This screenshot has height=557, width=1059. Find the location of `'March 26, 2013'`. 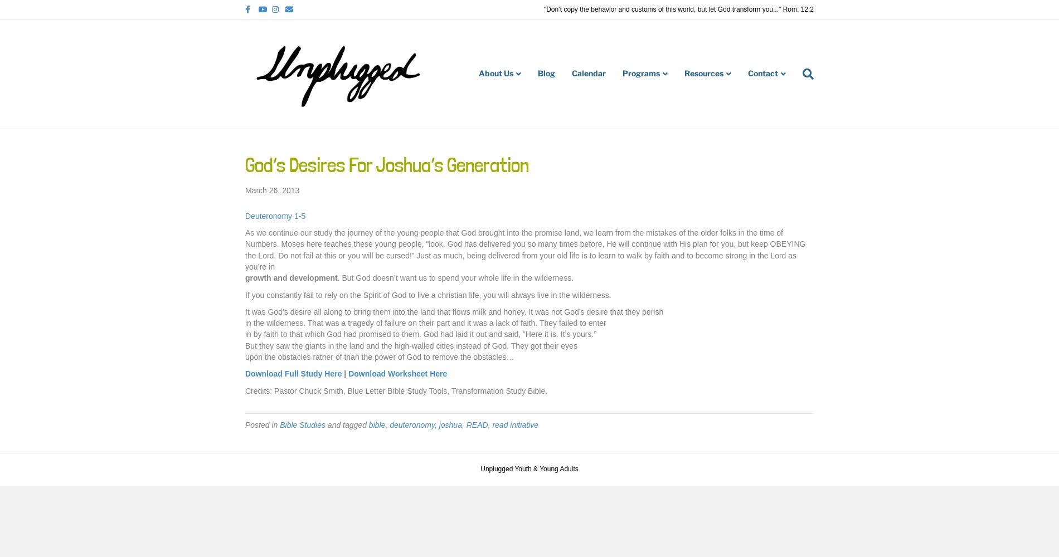

'March 26, 2013' is located at coordinates (272, 190).